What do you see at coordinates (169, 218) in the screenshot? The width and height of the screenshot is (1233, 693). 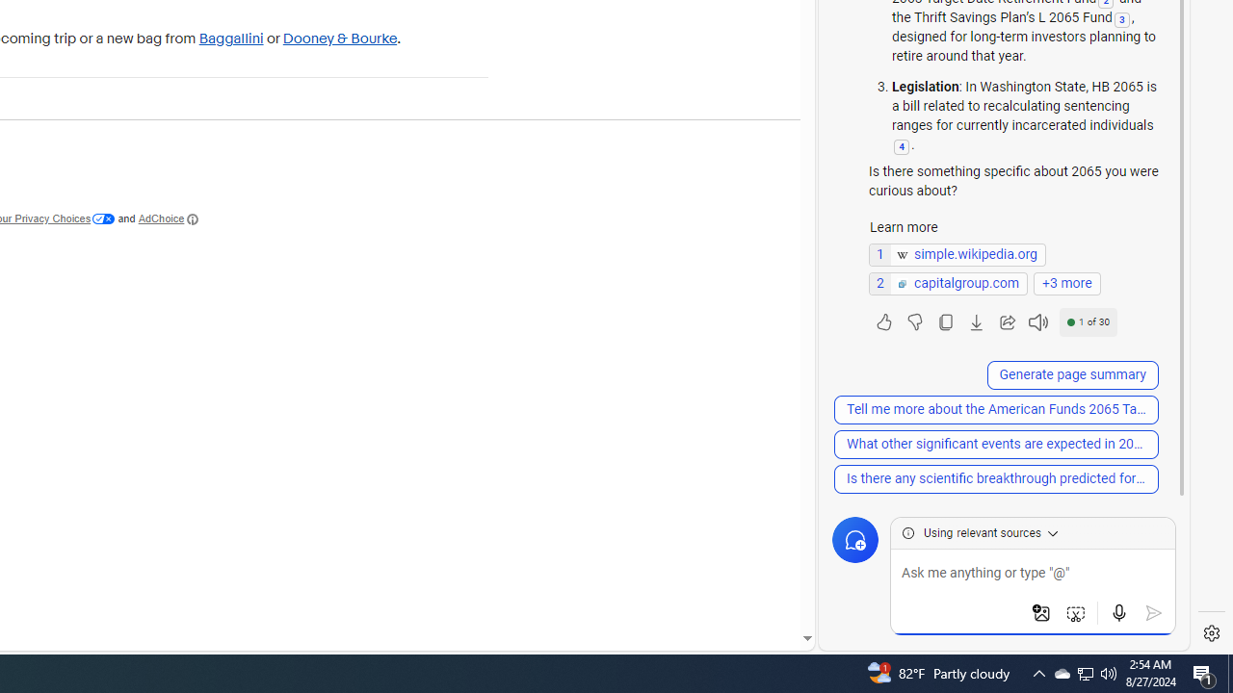 I see `'AdChoice'` at bounding box center [169, 218].